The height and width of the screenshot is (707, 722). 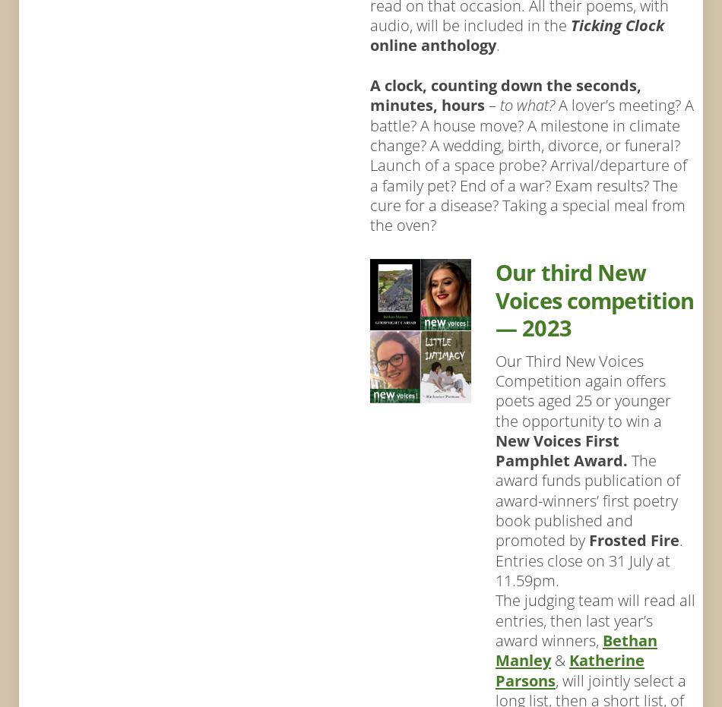 I want to click on 'A lover’s meeting? A battle? A house move? A milestone in climate change? A wedding, birth, divorce, or funeral? Launch of a space probe? Arrival/departure of a family pet? End of a war? Exam results? The cure for a disease? Taking a special meal from the oven?', so click(x=531, y=165).